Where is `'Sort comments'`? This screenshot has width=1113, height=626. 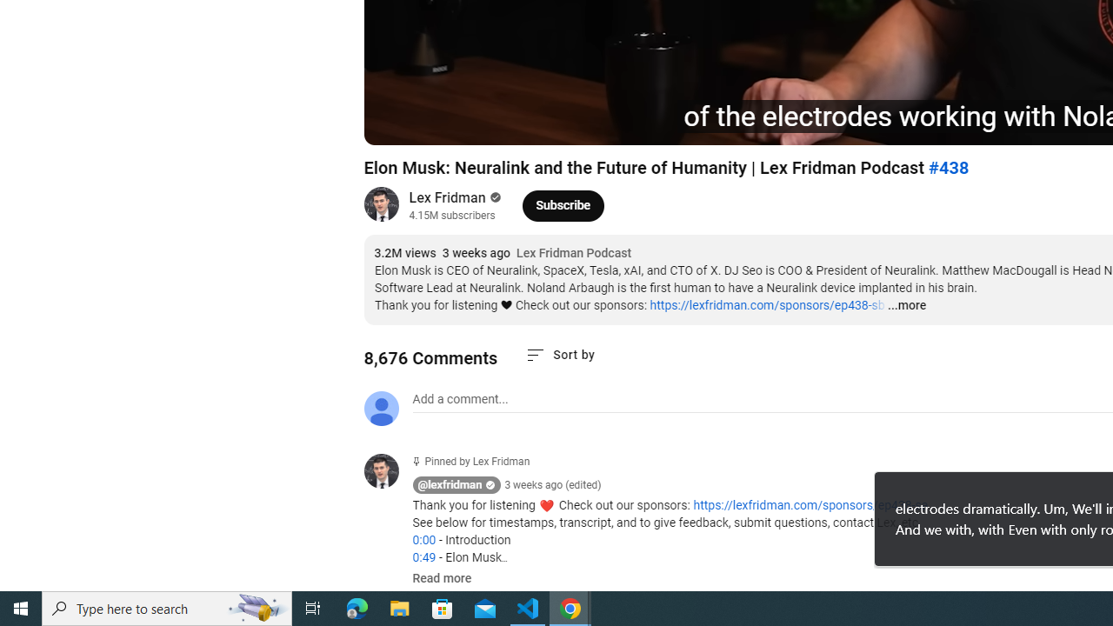 'Sort comments' is located at coordinates (560, 354).